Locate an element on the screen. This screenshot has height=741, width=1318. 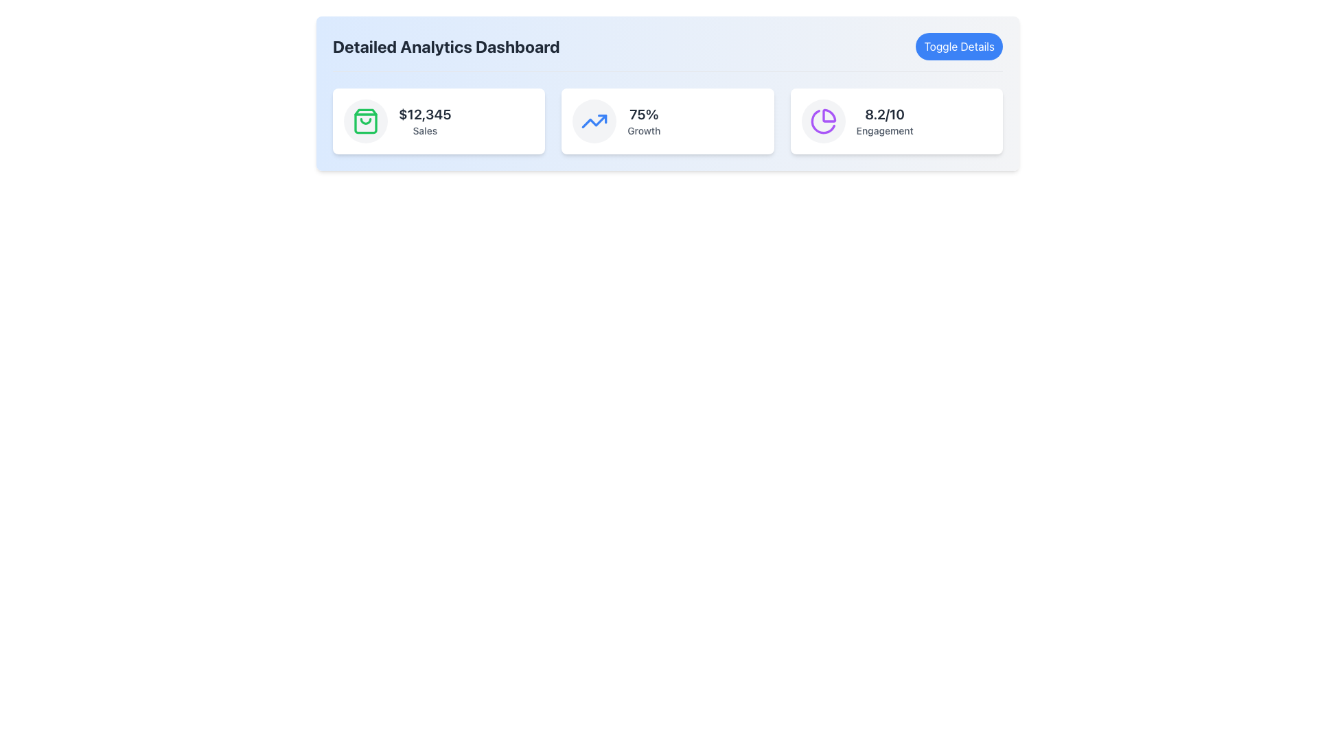
the sales metrics text label, which is positioned in the first white card to the right of the green shopping bag icon is located at coordinates (424, 121).